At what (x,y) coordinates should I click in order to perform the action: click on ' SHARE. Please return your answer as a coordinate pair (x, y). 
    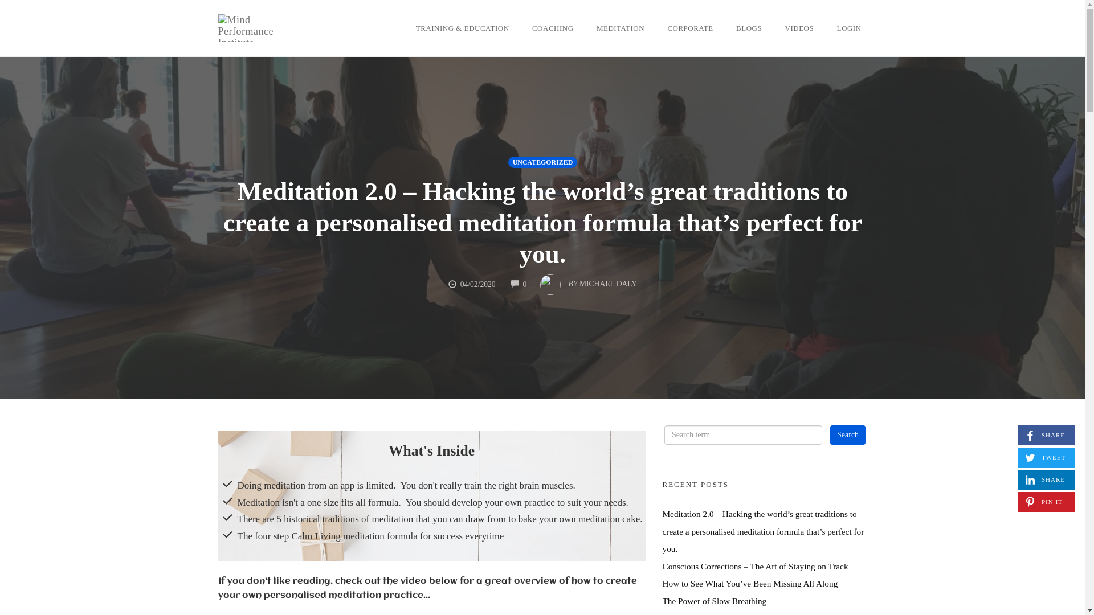
    Looking at the image, I should click on (1017, 479).